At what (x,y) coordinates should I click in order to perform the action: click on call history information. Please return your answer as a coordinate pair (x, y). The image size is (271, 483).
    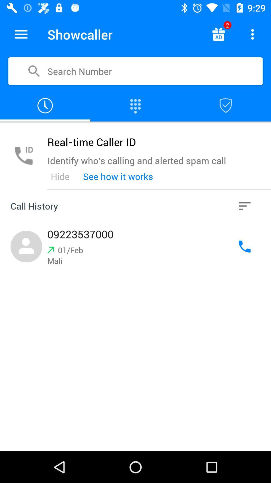
    Looking at the image, I should click on (244, 206).